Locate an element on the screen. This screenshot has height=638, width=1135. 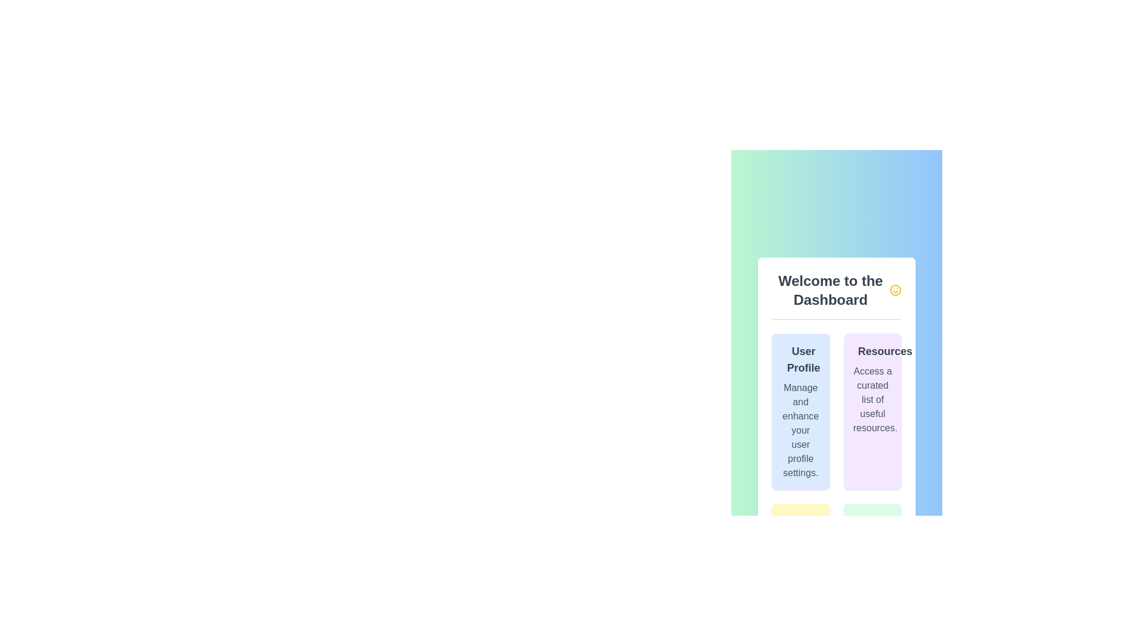
the introductory text message on the dashboard interface, which is positioned to the left of a yellow smiley icon in the upper section of the main content is located at coordinates (830, 290).